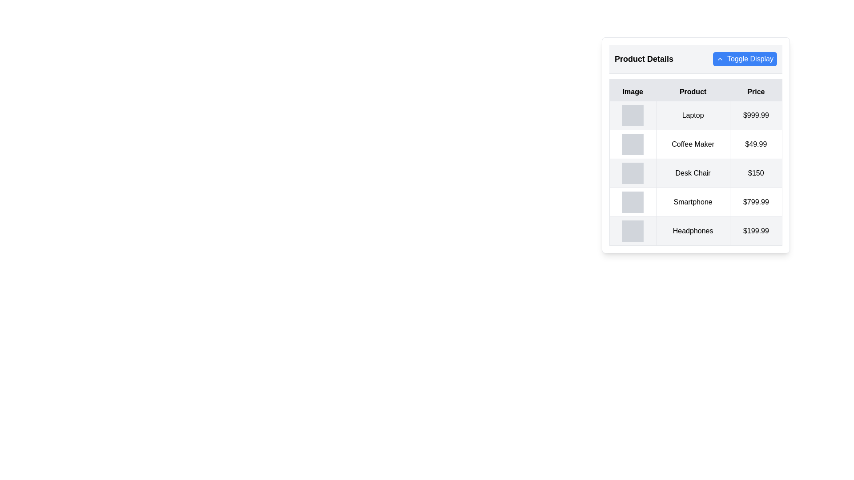 The height and width of the screenshot is (480, 854). What do you see at coordinates (755, 144) in the screenshot?
I see `the price label of the 'Coffee Maker' product, which is located in the third column of its row in a multi-column table layout` at bounding box center [755, 144].